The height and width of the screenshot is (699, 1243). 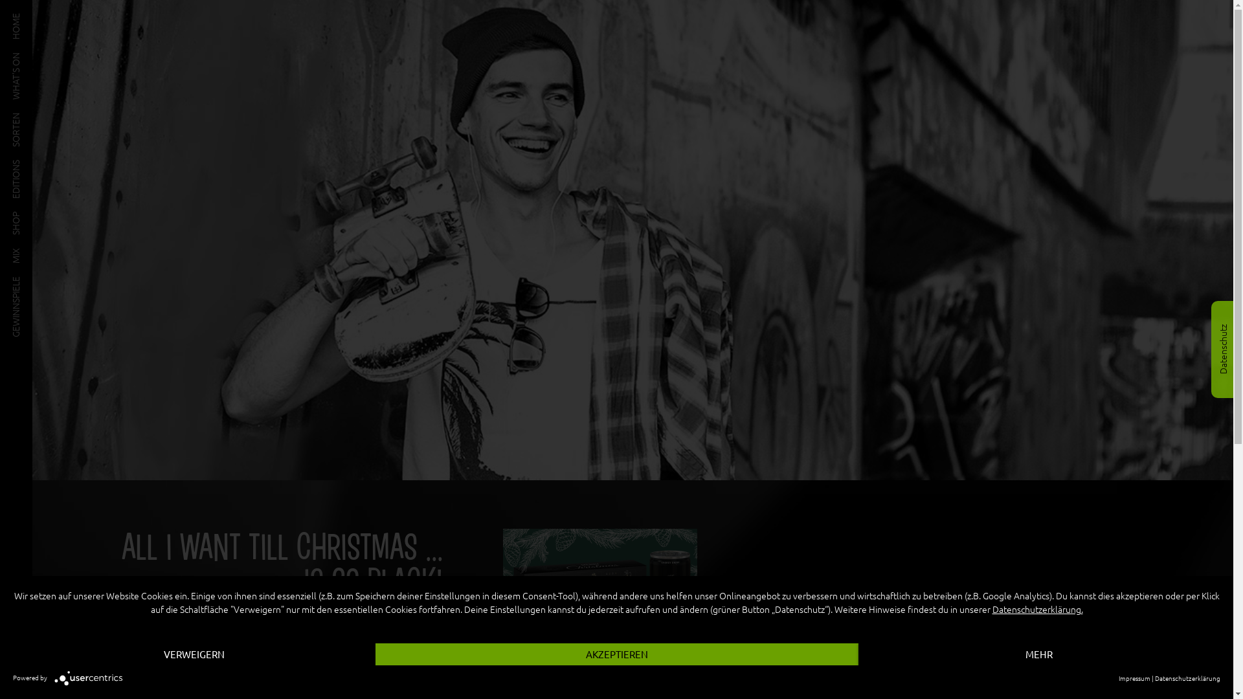 I want to click on 'WHAT'S ON', so click(x=35, y=56).